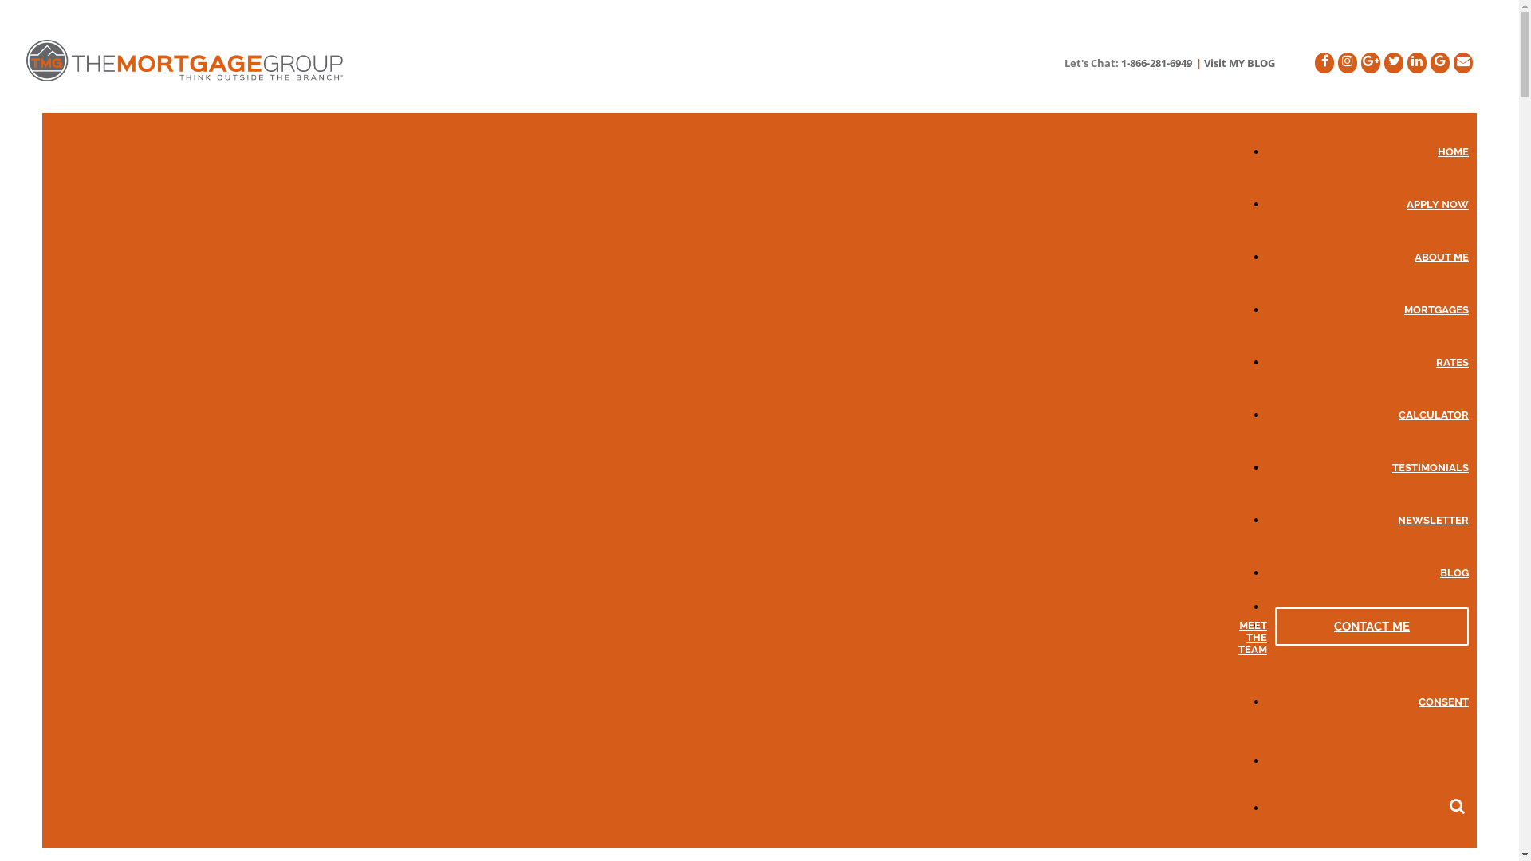 This screenshot has width=1531, height=861. What do you see at coordinates (1367, 517) in the screenshot?
I see `'NEWSLETTER'` at bounding box center [1367, 517].